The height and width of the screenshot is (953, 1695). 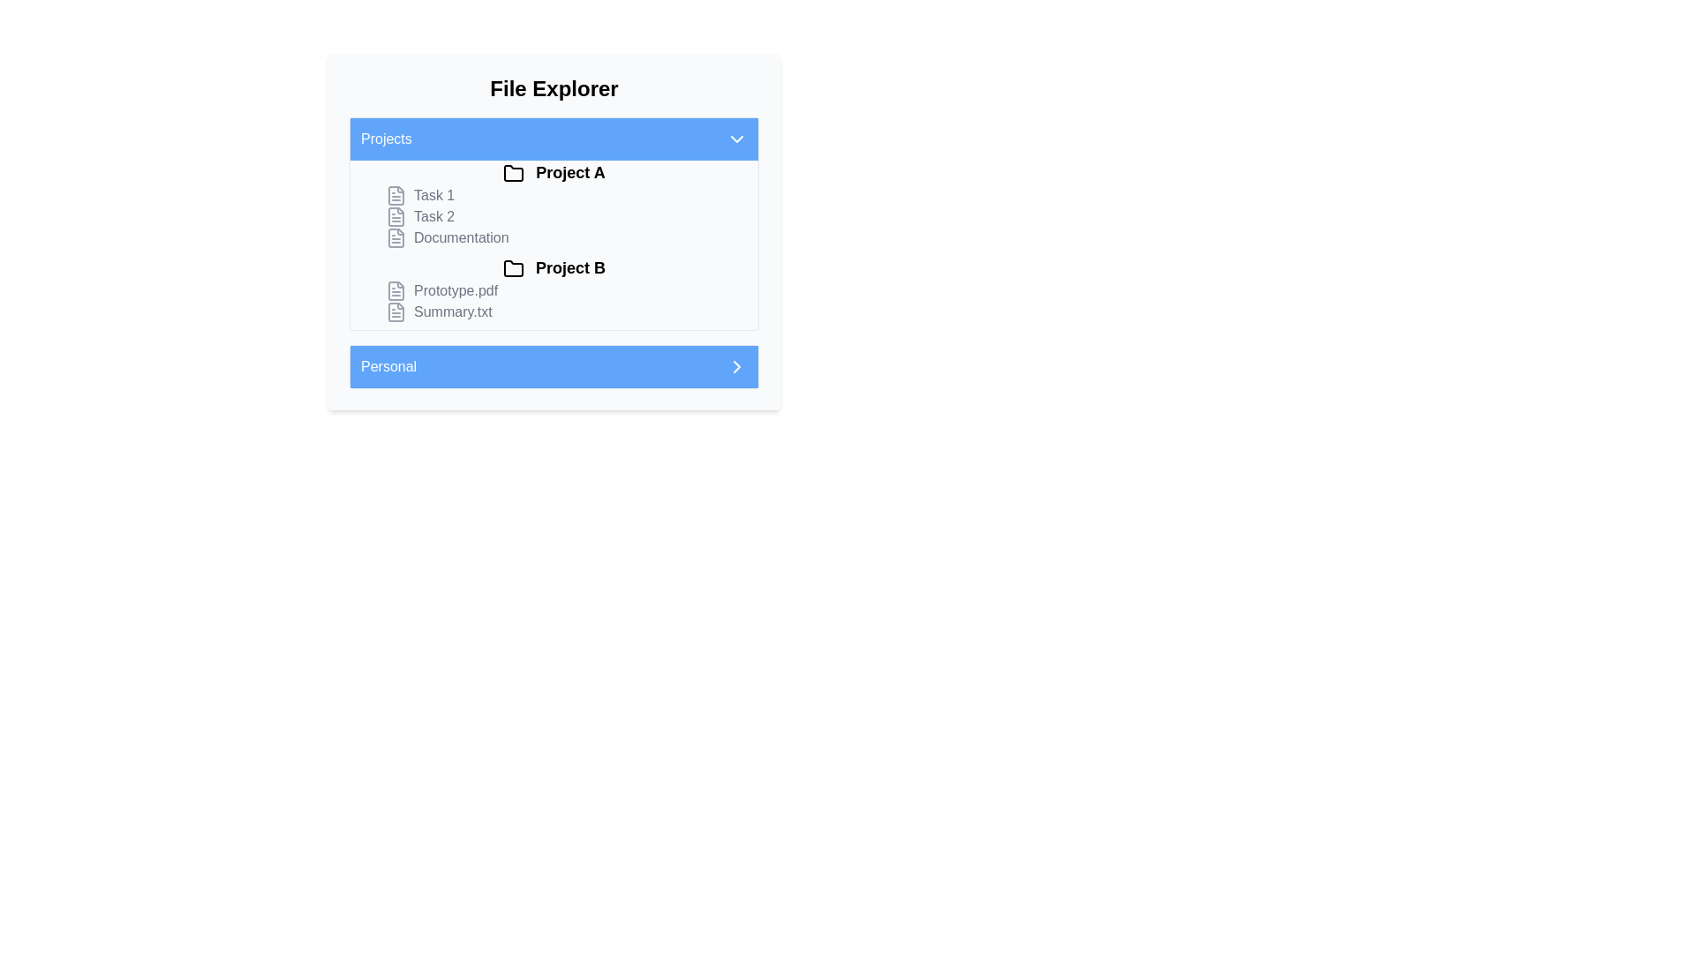 I want to click on the document icon located to the left of the text 'Task 1' in the first entry of the 'Projects' section, so click(x=395, y=196).